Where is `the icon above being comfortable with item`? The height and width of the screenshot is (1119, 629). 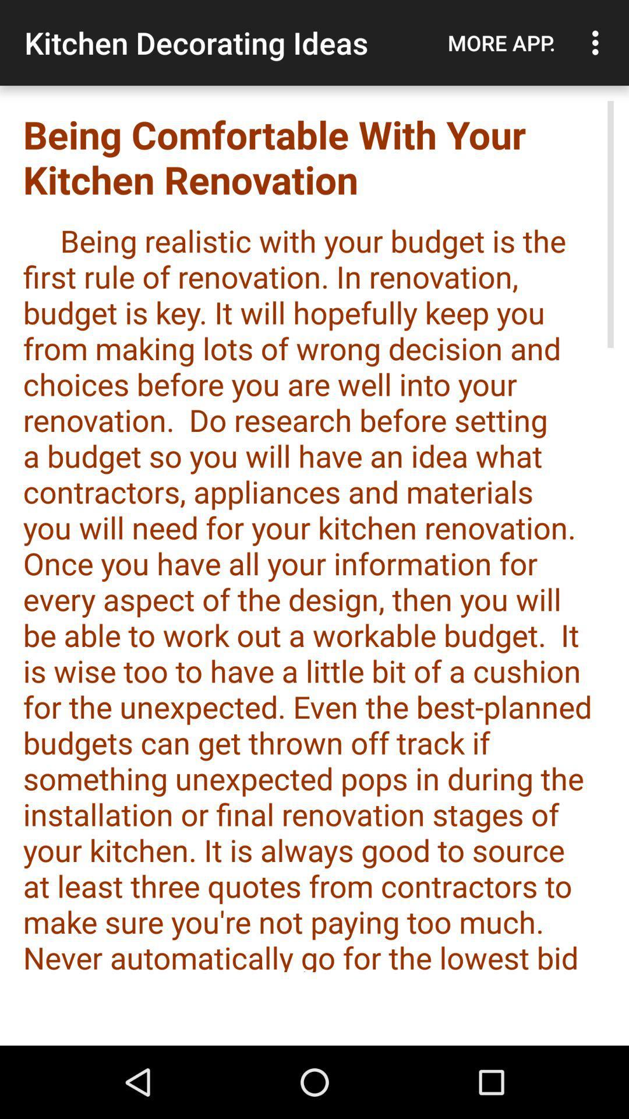 the icon above being comfortable with item is located at coordinates (501, 43).